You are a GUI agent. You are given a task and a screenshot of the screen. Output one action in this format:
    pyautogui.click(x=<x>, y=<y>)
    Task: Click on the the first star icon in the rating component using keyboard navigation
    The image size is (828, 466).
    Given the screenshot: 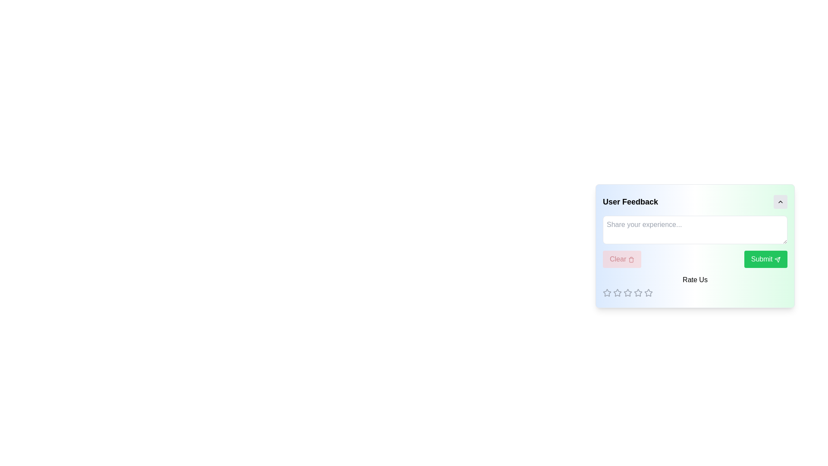 What is the action you would take?
    pyautogui.click(x=617, y=292)
    